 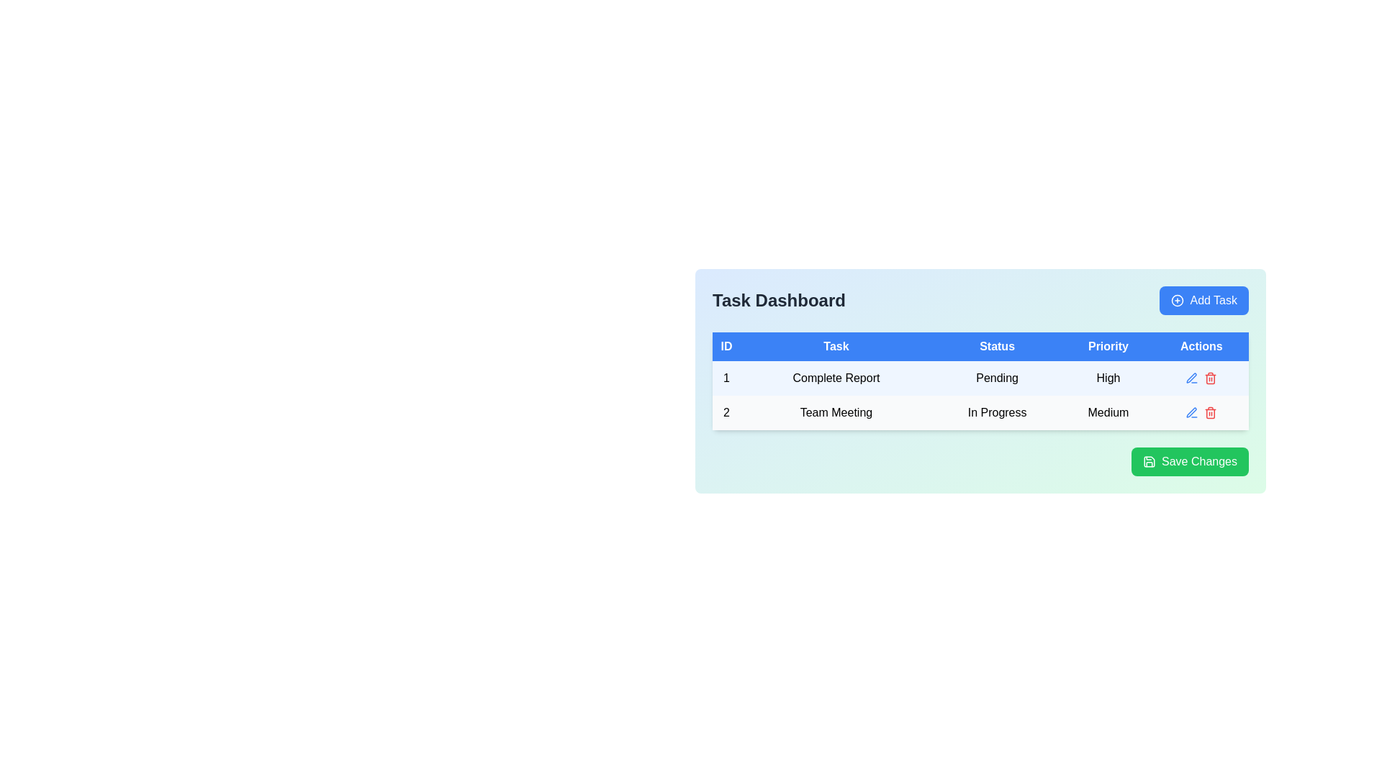 I want to click on the 'Priority' text label header element, which is displayed in white on a blue background, so click(x=1108, y=347).